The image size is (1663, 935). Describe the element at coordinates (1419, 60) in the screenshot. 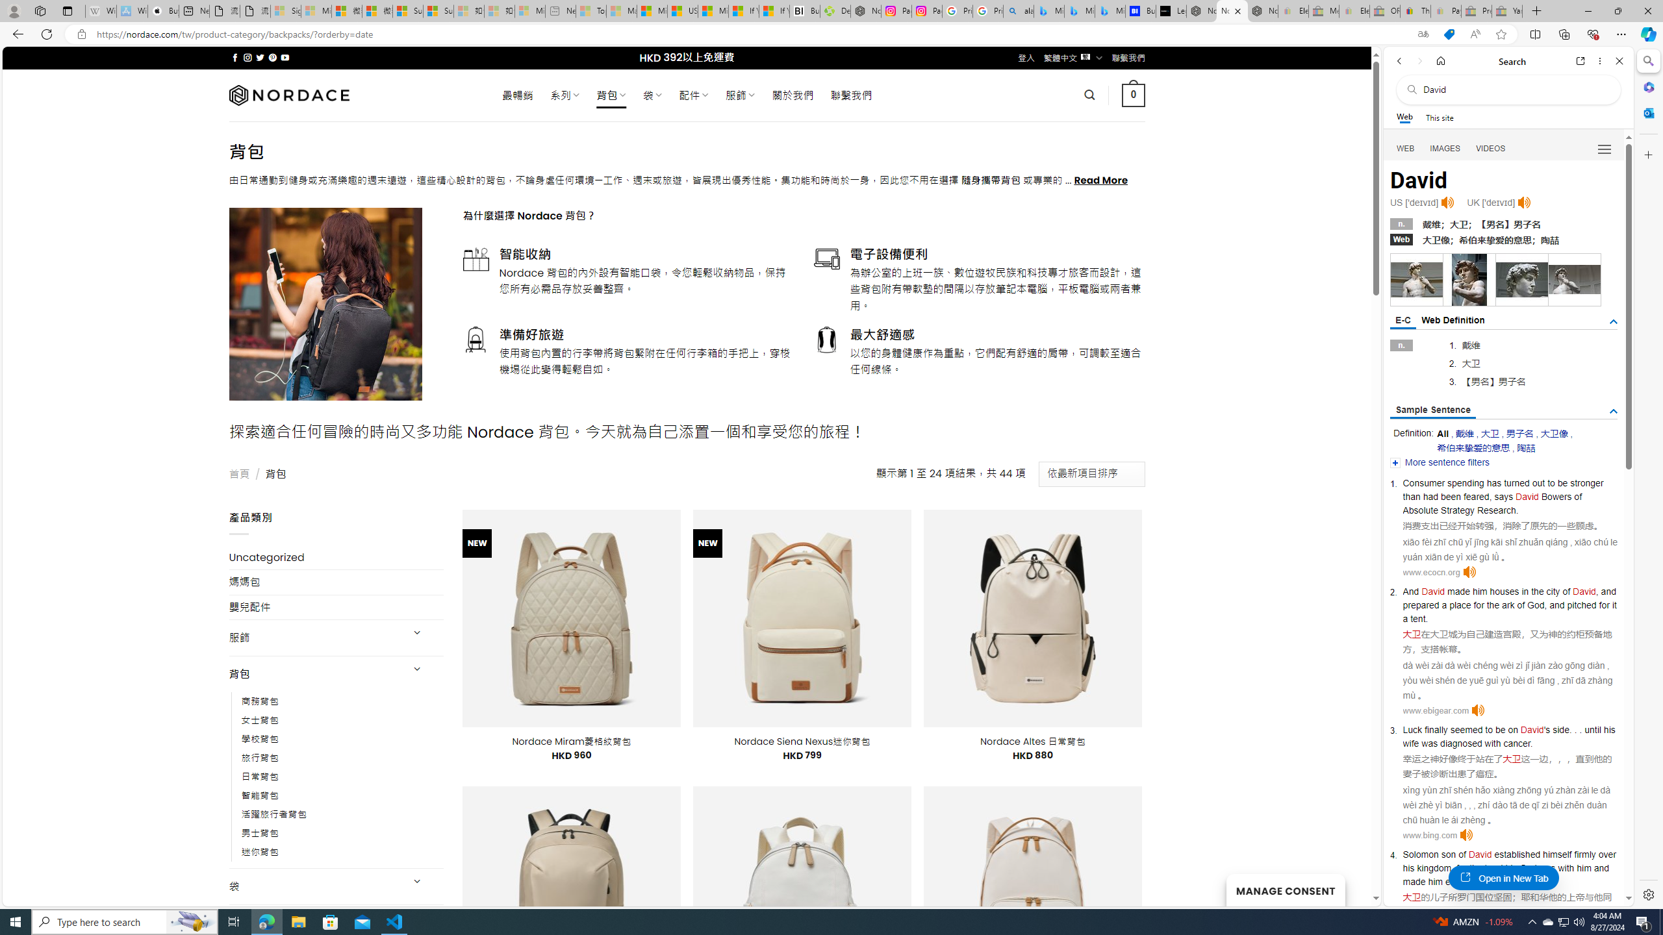

I see `'Forward'` at that location.